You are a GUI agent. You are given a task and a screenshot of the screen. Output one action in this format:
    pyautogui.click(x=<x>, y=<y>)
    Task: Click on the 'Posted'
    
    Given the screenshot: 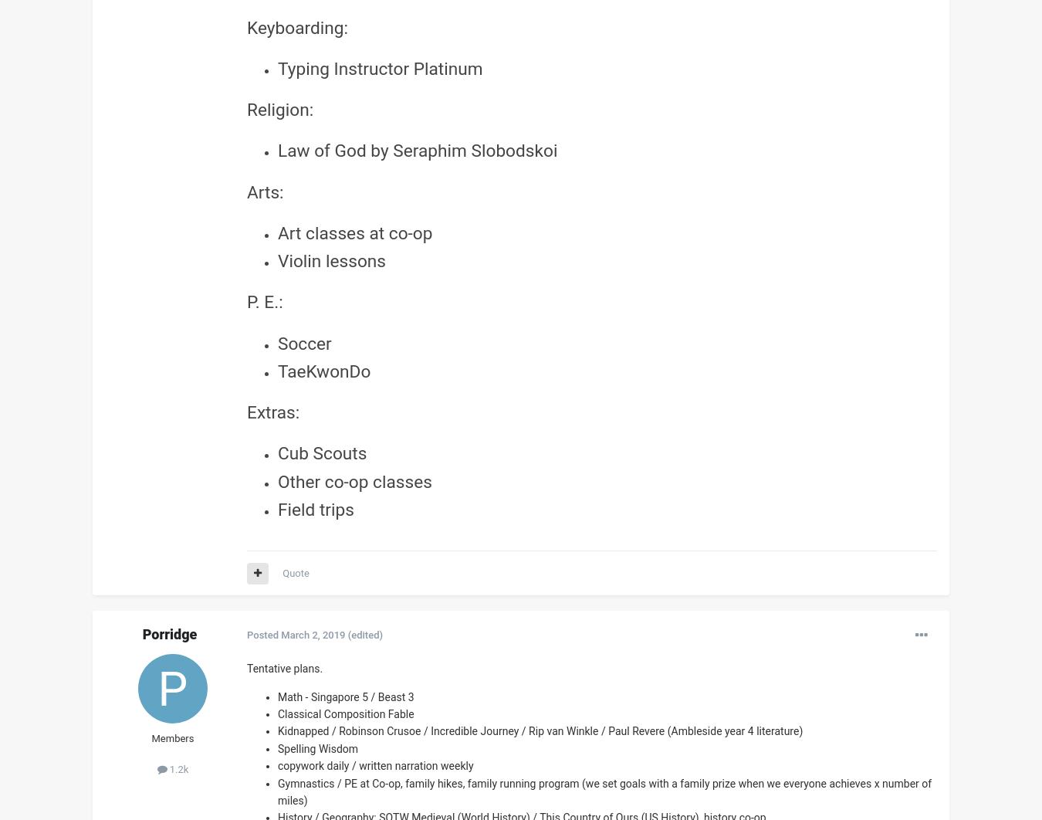 What is the action you would take?
    pyautogui.click(x=263, y=634)
    